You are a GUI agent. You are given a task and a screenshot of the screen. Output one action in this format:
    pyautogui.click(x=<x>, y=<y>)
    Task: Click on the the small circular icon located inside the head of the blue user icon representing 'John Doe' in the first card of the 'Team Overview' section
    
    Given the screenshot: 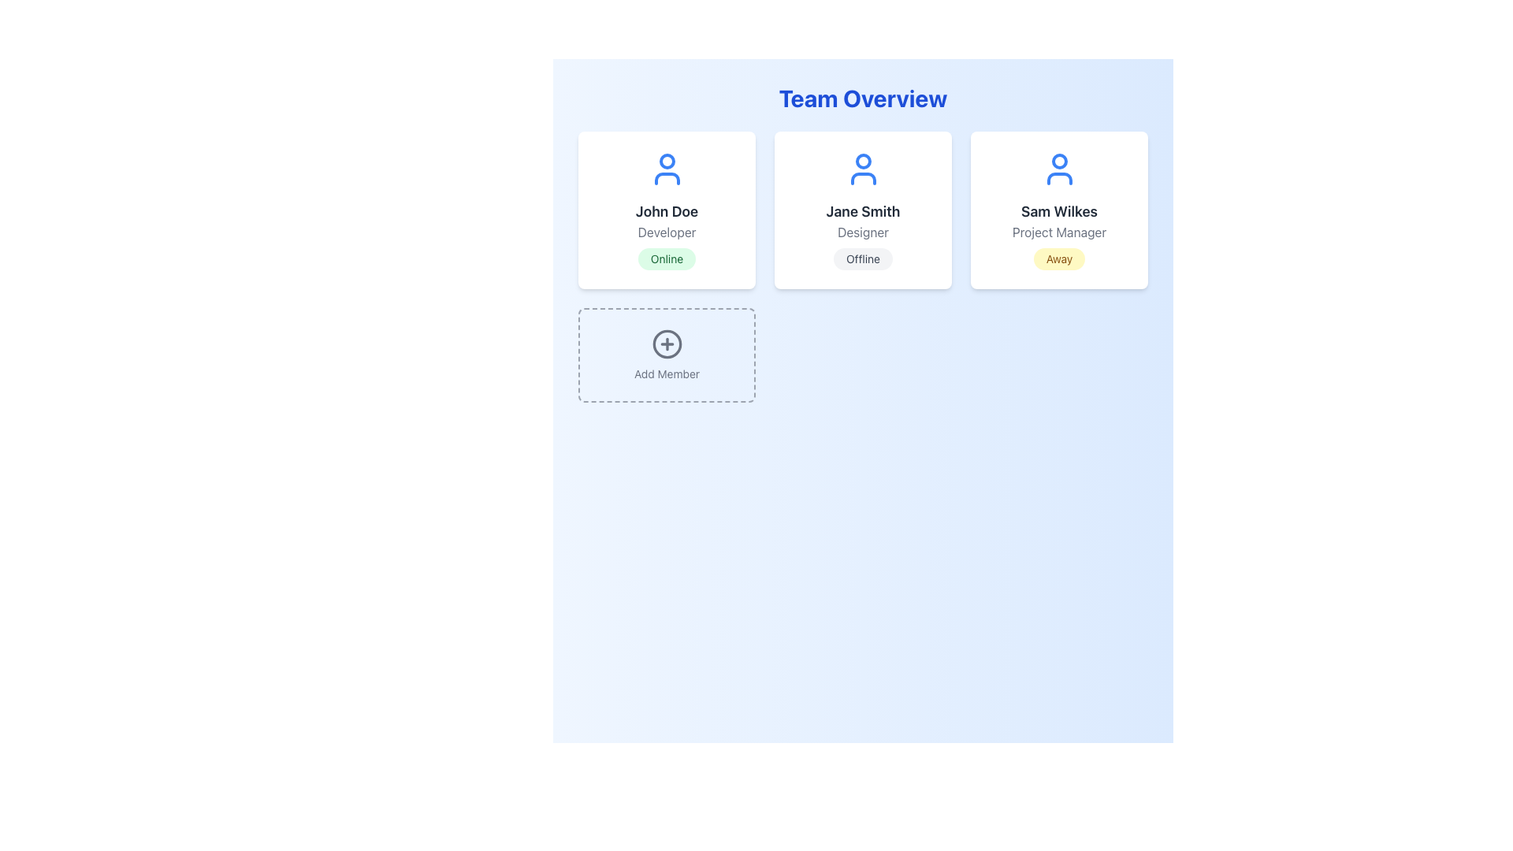 What is the action you would take?
    pyautogui.click(x=667, y=161)
    